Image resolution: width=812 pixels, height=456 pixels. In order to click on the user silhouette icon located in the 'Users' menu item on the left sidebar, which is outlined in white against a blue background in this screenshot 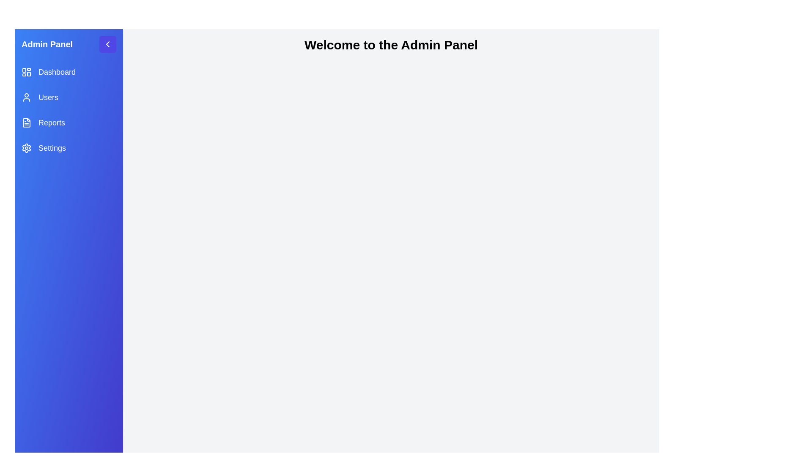, I will do `click(26, 97)`.